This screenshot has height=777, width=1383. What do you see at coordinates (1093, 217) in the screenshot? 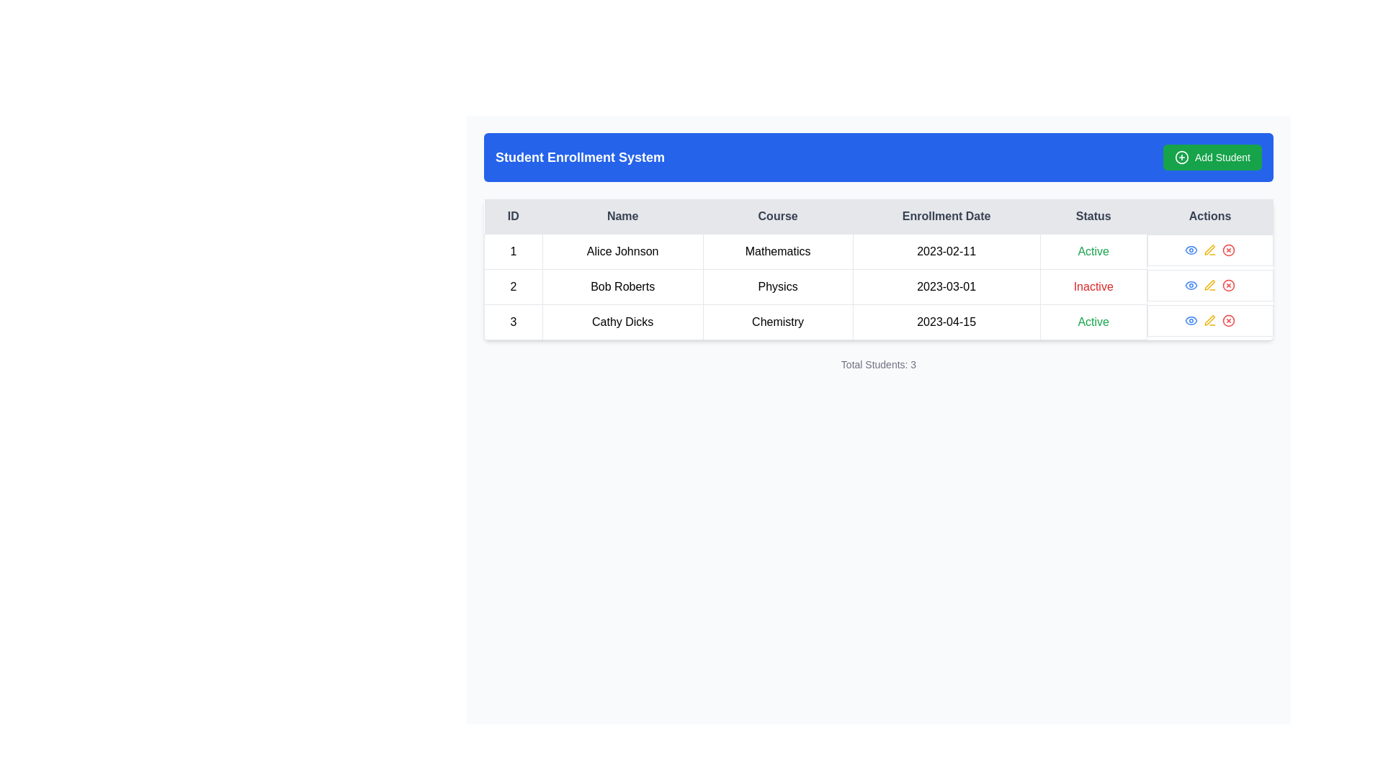
I see `the 'Status' text label element, which is the fifth column header in a table layout, displaying the word 'Status' in dark gray color on a light gray background` at bounding box center [1093, 217].